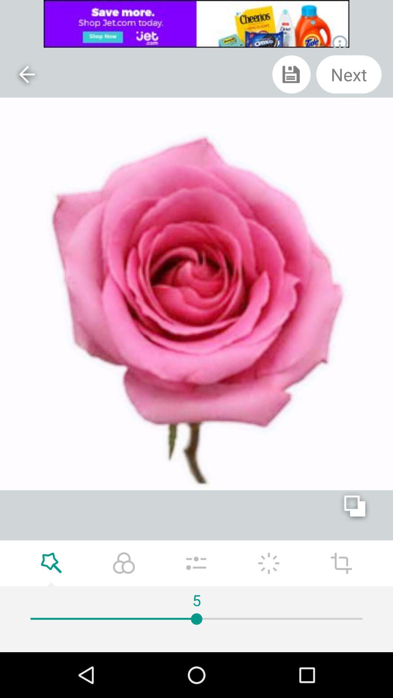 The height and width of the screenshot is (698, 393). Describe the element at coordinates (291, 74) in the screenshot. I see `save` at that location.